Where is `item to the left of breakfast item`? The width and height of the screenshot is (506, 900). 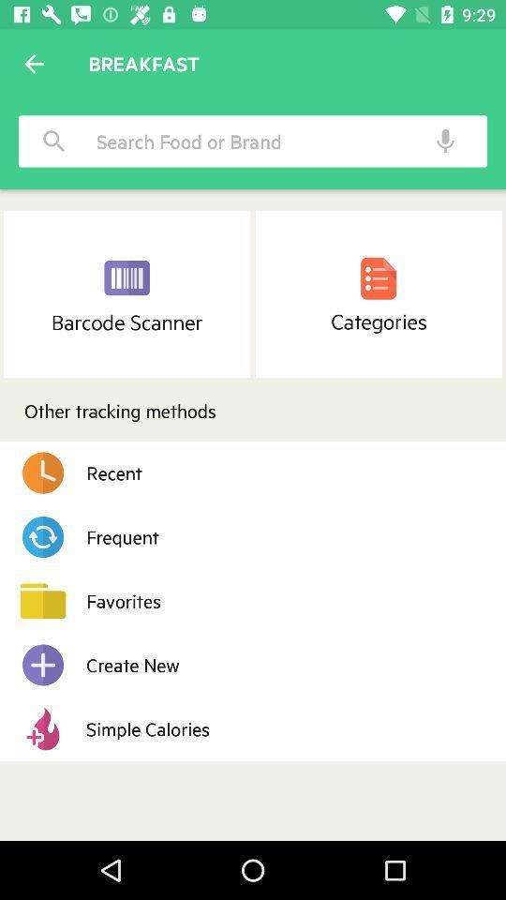
item to the left of breakfast item is located at coordinates (34, 64).